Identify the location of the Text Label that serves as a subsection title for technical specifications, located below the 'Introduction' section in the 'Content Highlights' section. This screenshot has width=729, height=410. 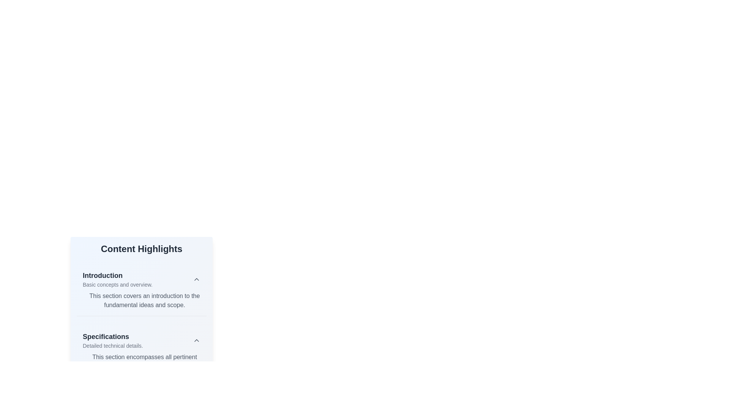
(112, 336).